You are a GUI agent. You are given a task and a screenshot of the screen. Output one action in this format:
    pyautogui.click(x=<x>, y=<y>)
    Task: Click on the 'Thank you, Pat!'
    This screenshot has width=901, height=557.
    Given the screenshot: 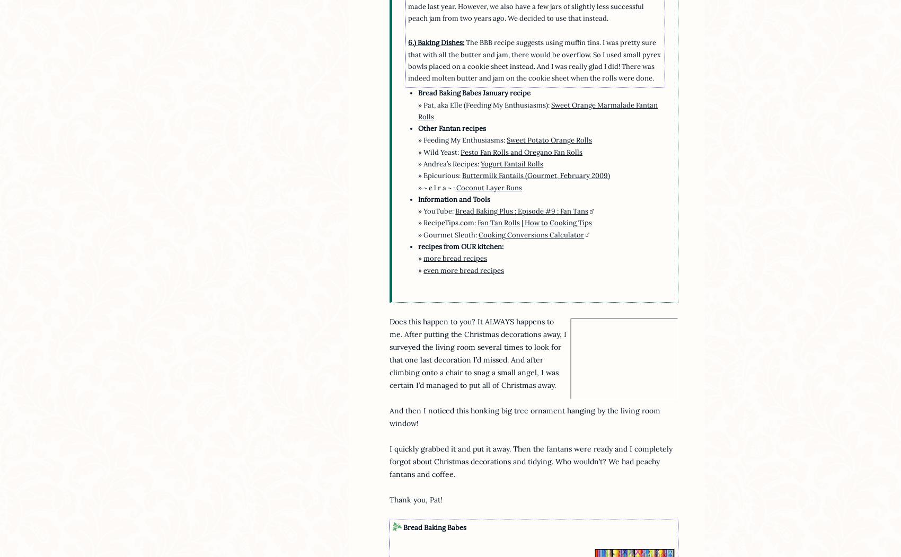 What is the action you would take?
    pyautogui.click(x=389, y=499)
    